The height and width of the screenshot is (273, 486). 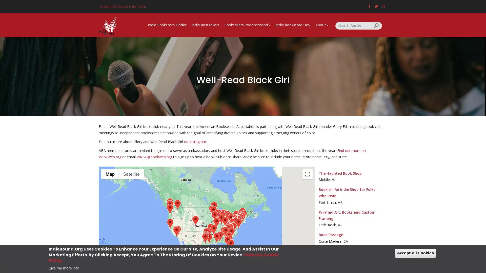 What do you see at coordinates (216, 222) in the screenshot?
I see `Subterranean Books` at bounding box center [216, 222].